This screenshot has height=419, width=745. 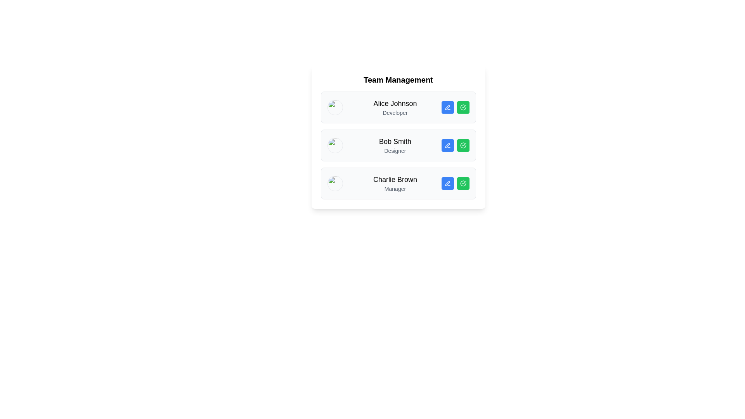 What do you see at coordinates (398, 145) in the screenshot?
I see `the second list item displaying a team member's name and role under the 'Team Management' heading` at bounding box center [398, 145].